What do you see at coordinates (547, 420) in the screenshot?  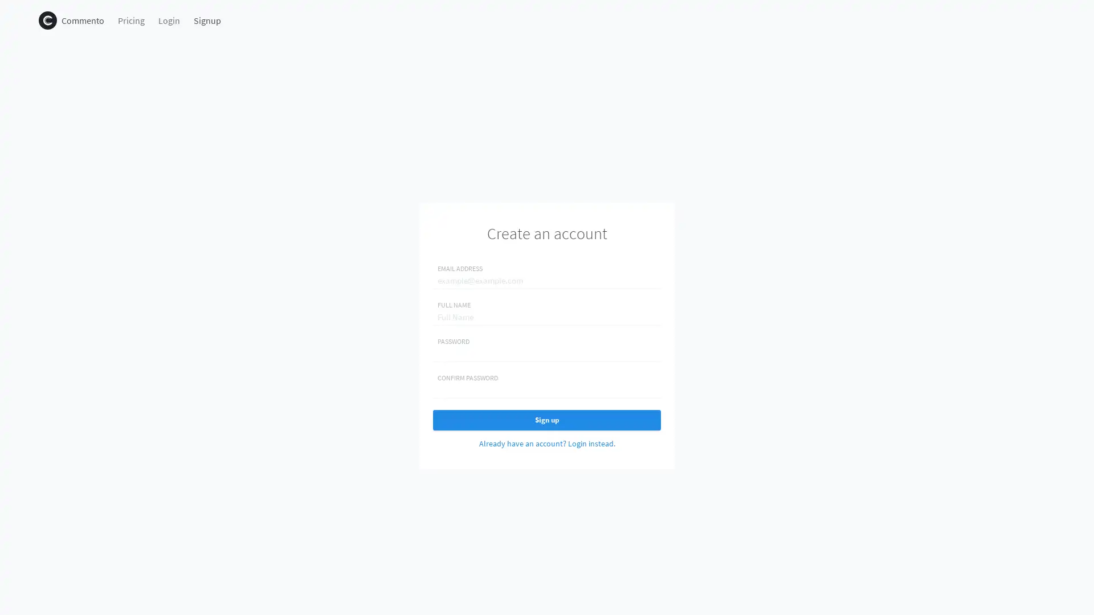 I see `Sign up` at bounding box center [547, 420].